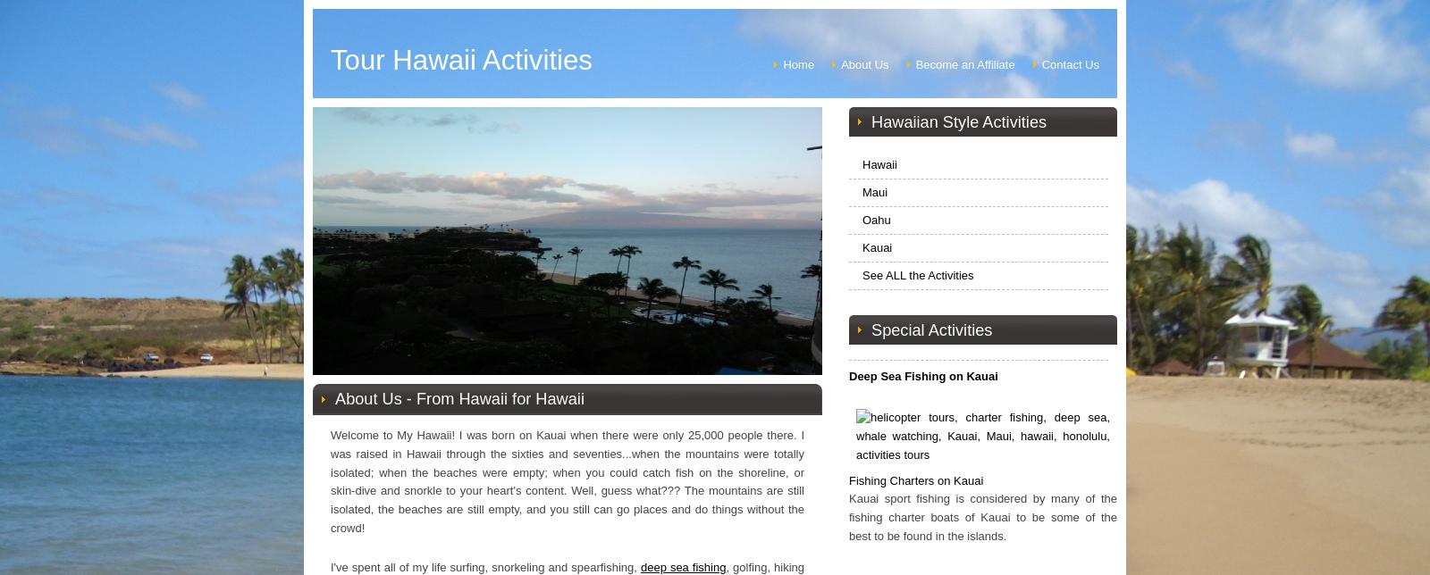 The width and height of the screenshot is (1430, 575). What do you see at coordinates (458, 399) in the screenshot?
I see `'About Us - From Hawaii for Hawaii'` at bounding box center [458, 399].